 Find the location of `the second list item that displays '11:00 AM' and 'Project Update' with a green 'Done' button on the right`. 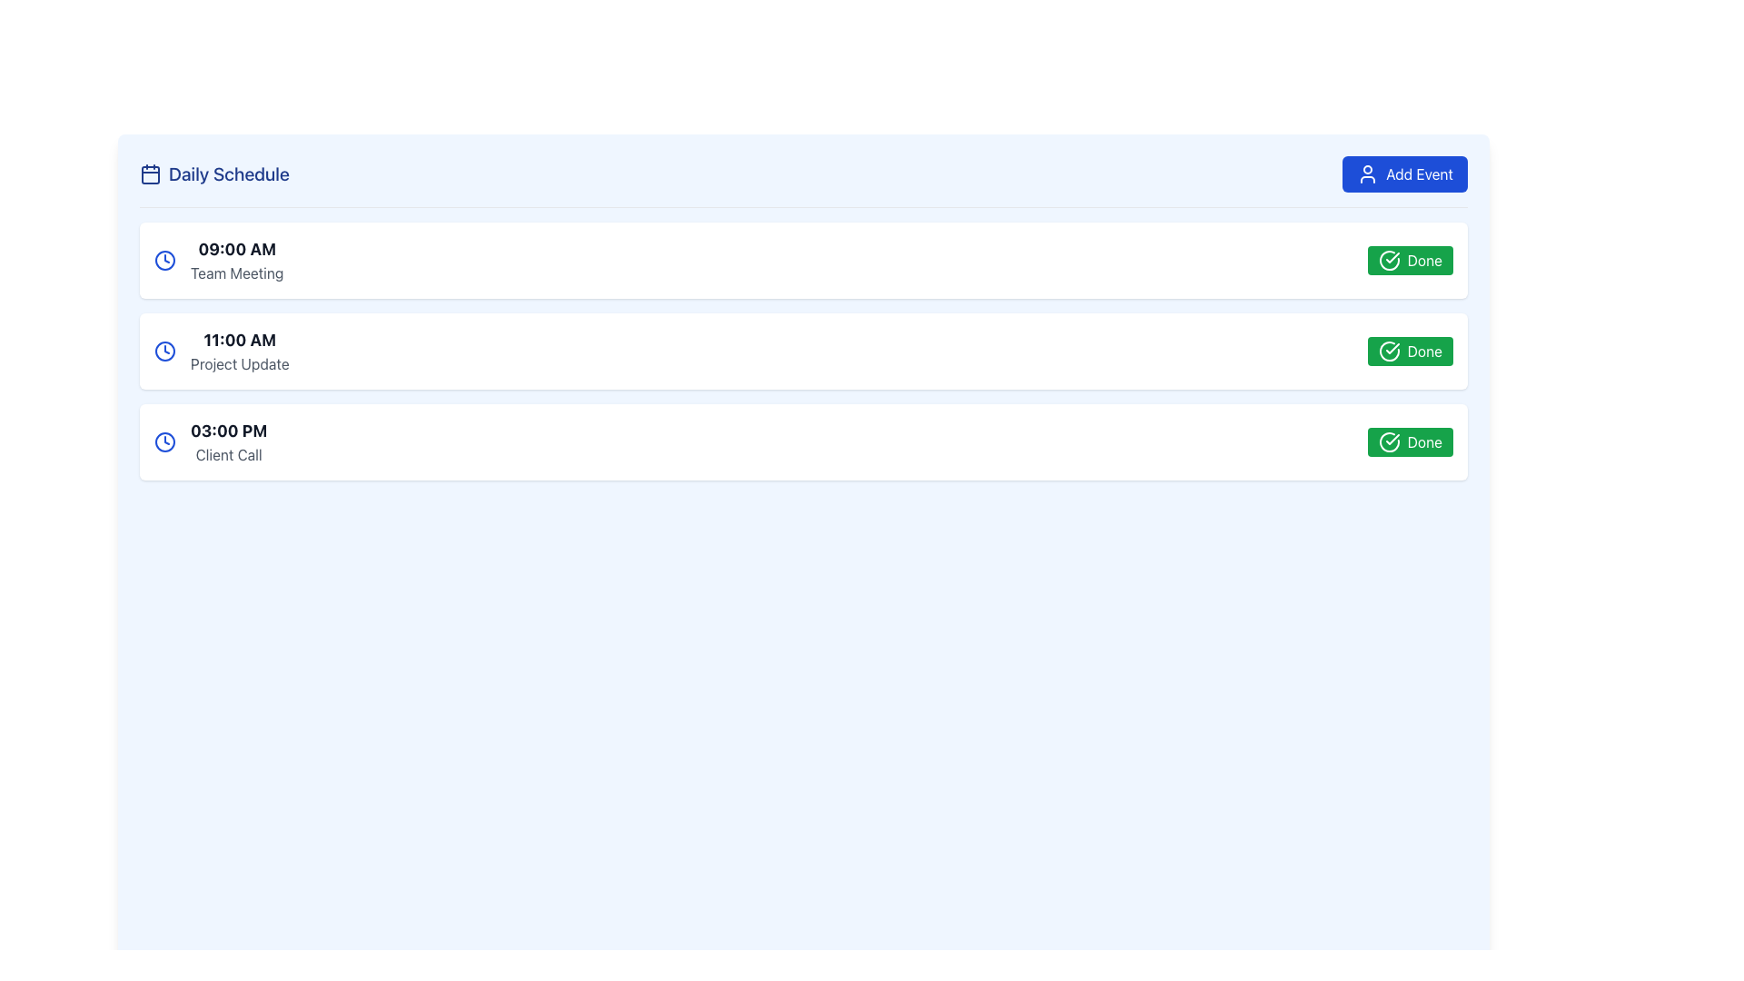

the second list item that displays '11:00 AM' and 'Project Update' with a green 'Done' button on the right is located at coordinates (802, 351).